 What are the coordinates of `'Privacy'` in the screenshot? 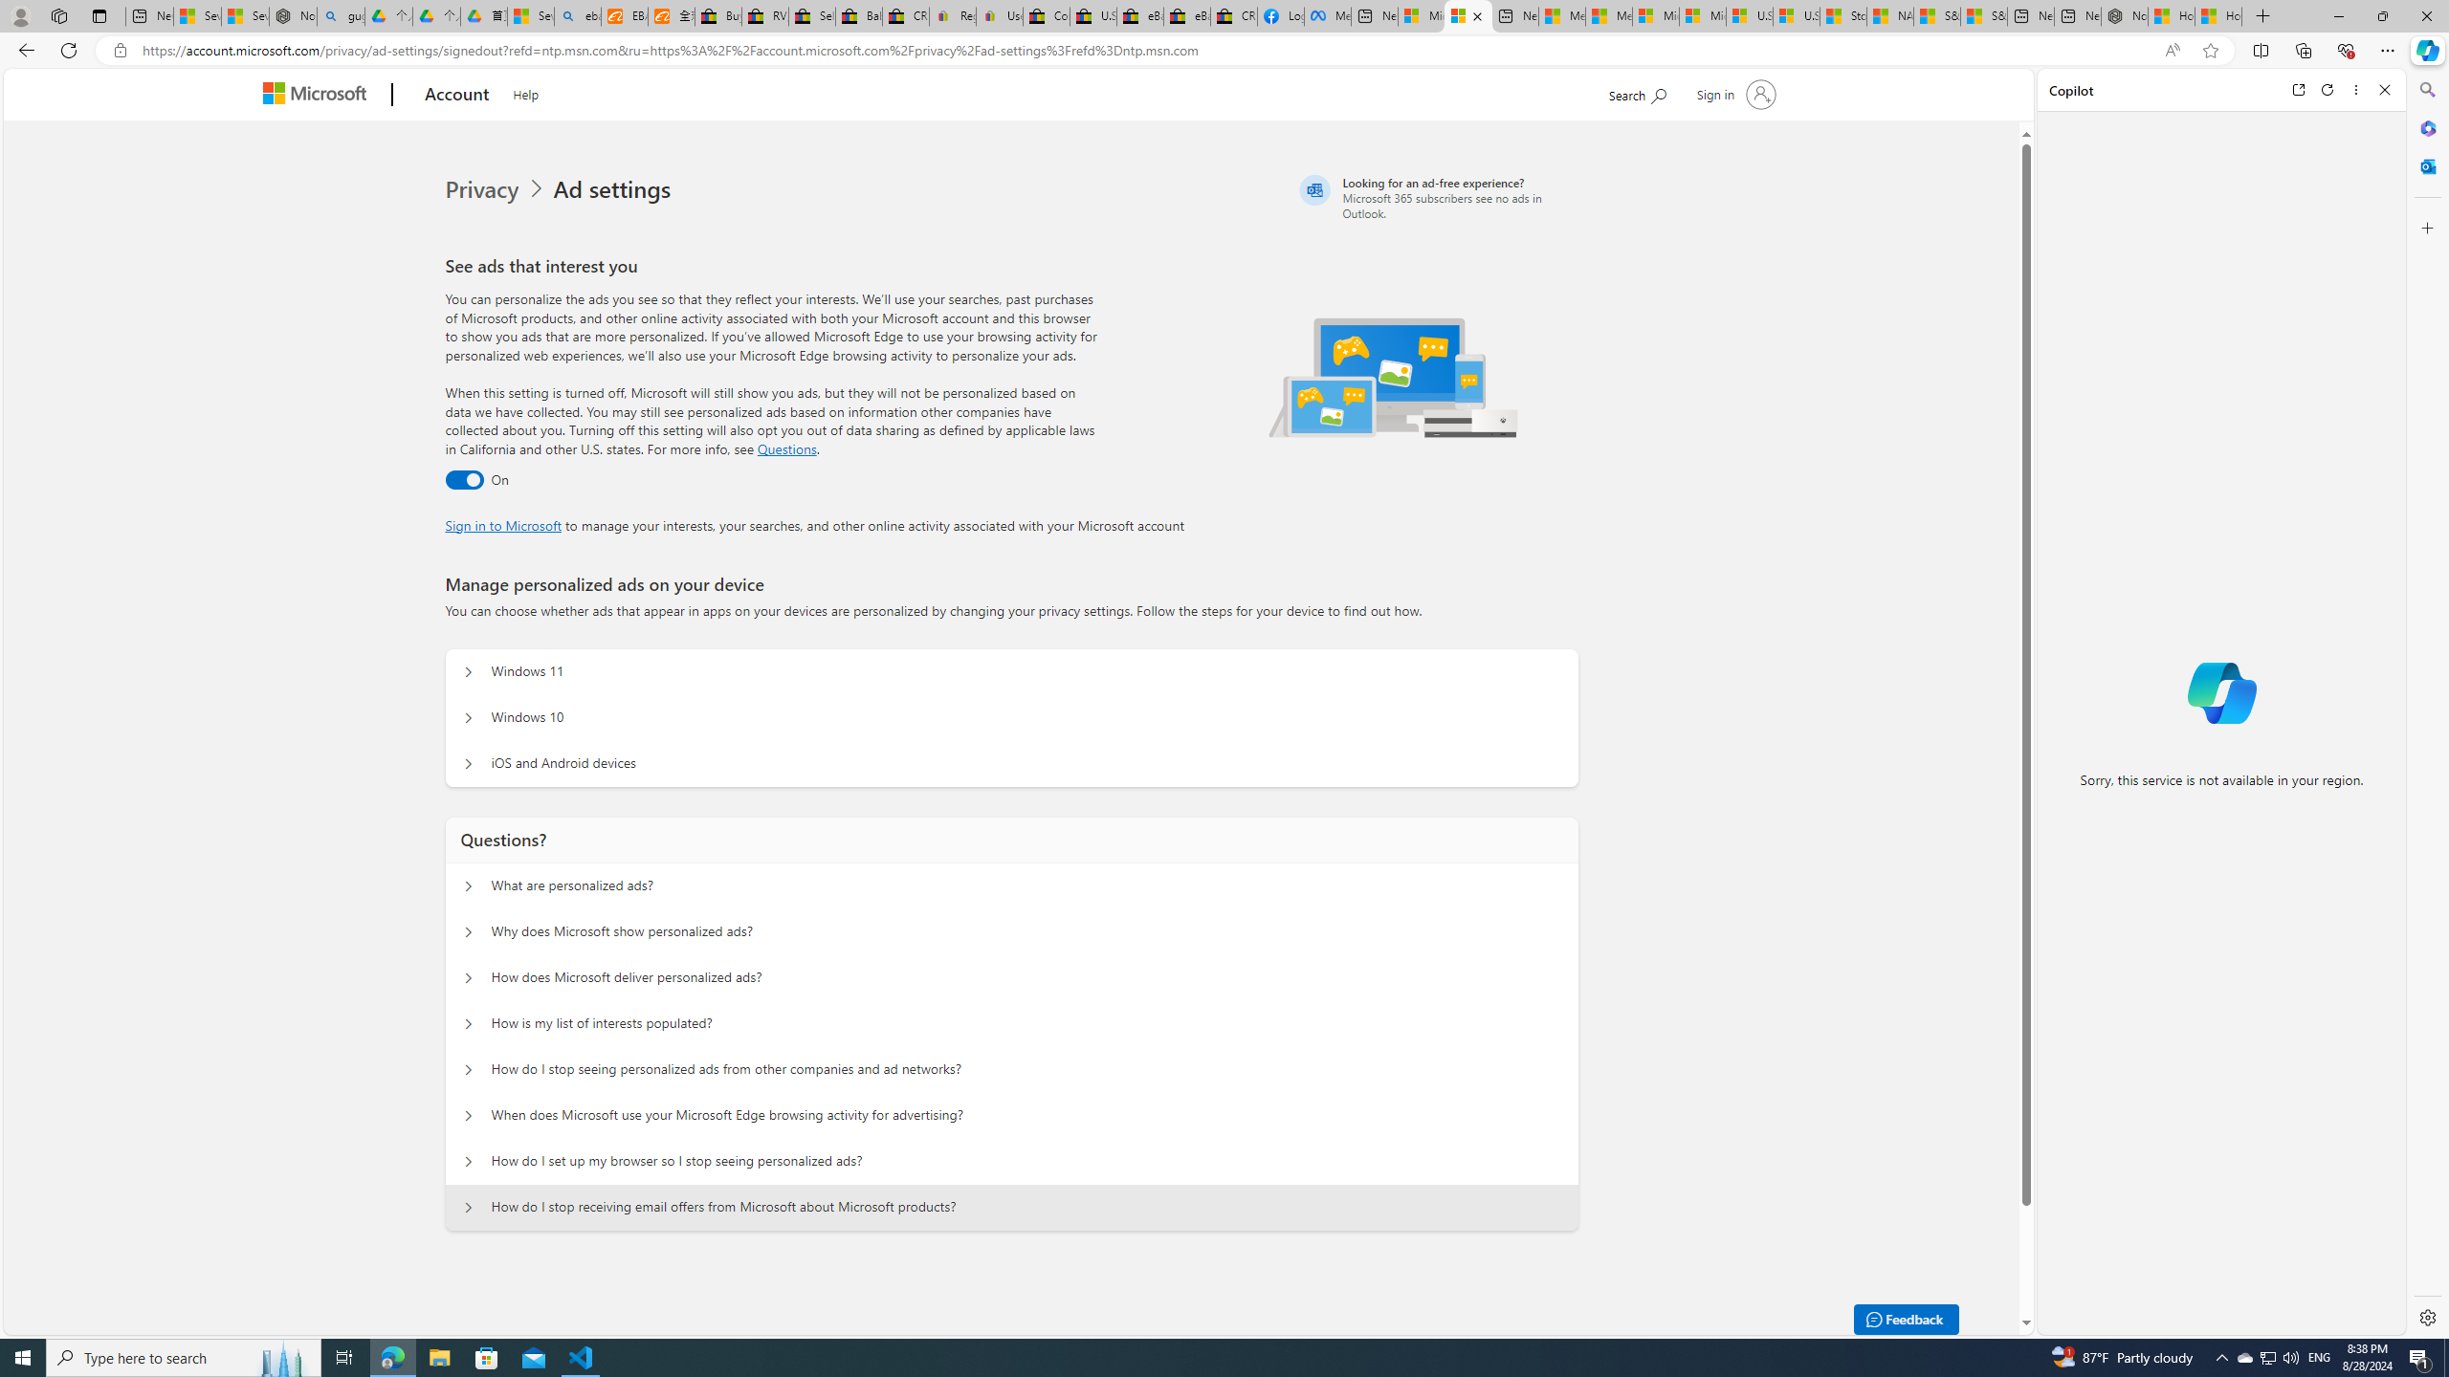 It's located at (496, 189).